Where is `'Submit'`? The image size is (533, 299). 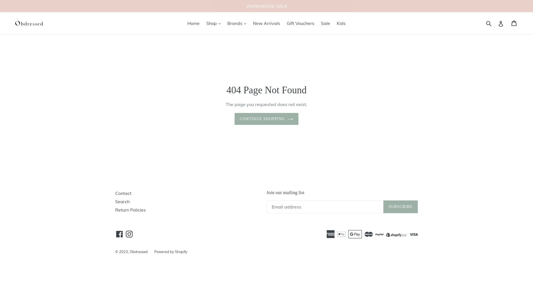
'Submit' is located at coordinates (482, 23).